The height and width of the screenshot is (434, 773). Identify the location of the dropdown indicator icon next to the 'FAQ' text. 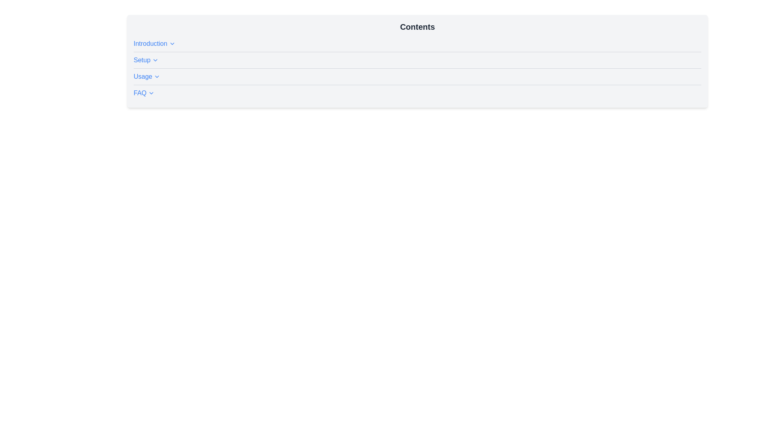
(151, 92).